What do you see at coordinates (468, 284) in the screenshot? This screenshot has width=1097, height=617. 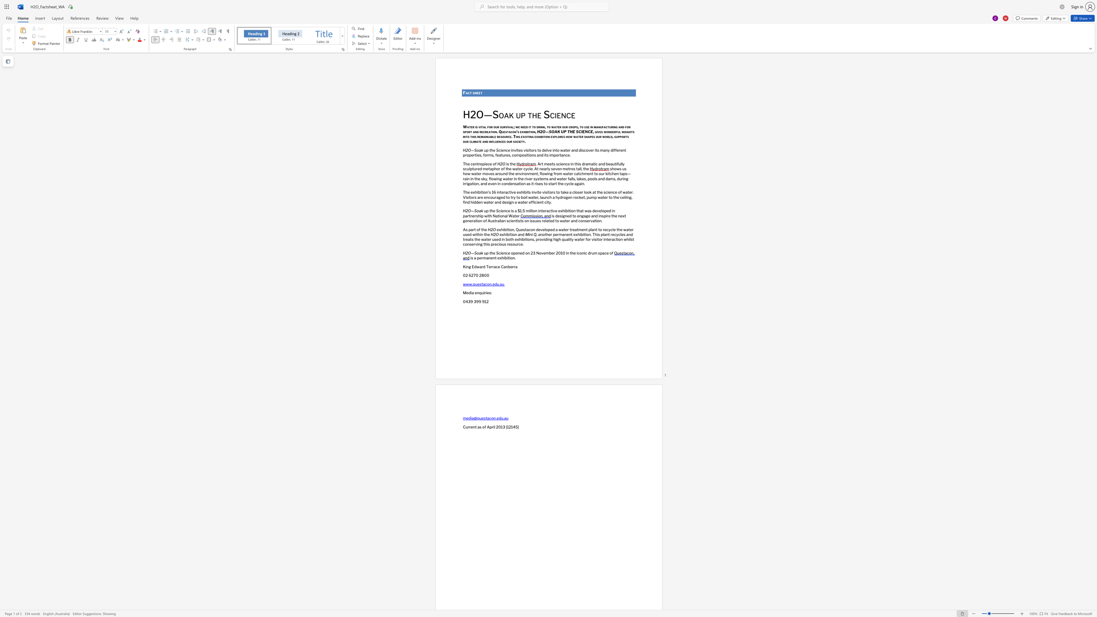 I see `the subset text "w.questacon.edu.a" within the text "www.questacon.edu.au"` at bounding box center [468, 284].